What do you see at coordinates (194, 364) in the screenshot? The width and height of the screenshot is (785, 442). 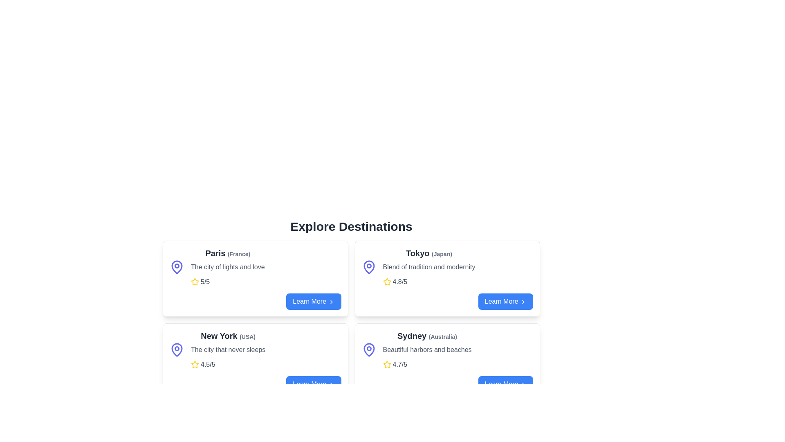 I see `the yellow five-pointed star icon indicating the rating, located beneath the 'Explore Destinations' label on the 'Paris' card, in the rating section` at bounding box center [194, 364].